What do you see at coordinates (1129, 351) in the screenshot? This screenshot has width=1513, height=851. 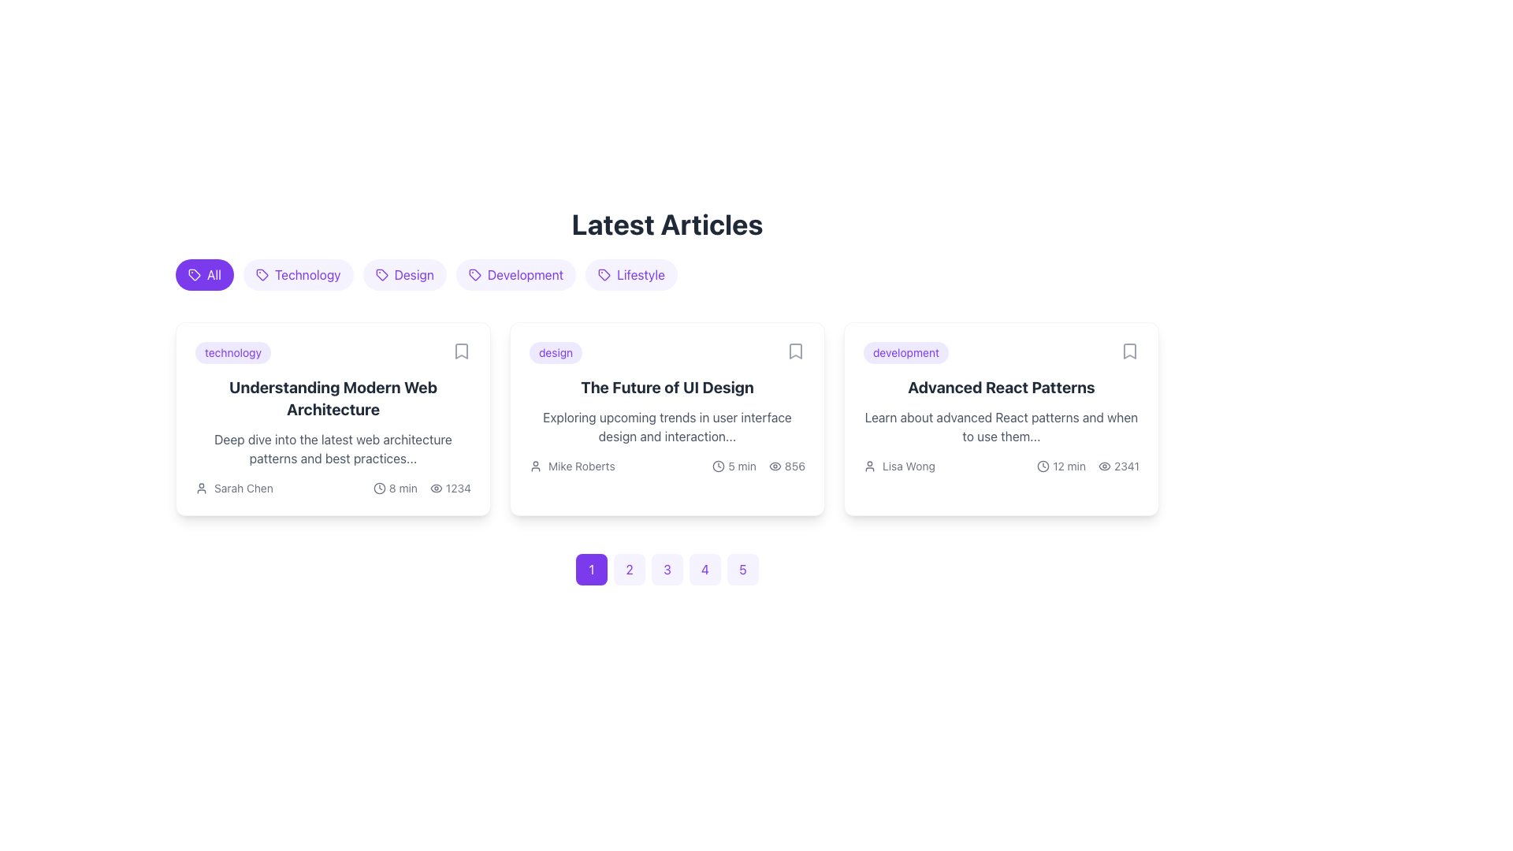 I see `the bookmark icon button located at the top-right corner of the 'Advanced React Patterns' article card to change its color from gray to violet` at bounding box center [1129, 351].